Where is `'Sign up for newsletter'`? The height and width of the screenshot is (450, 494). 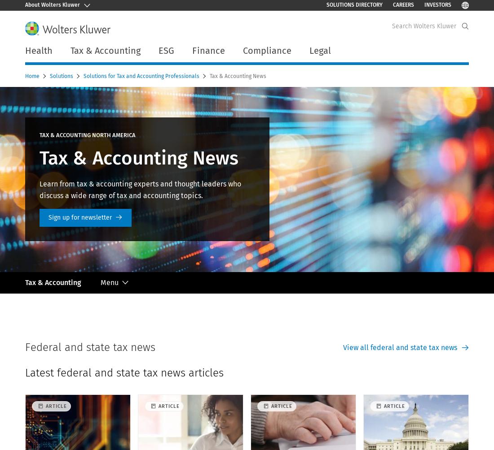
'Sign up for newsletter' is located at coordinates (79, 217).